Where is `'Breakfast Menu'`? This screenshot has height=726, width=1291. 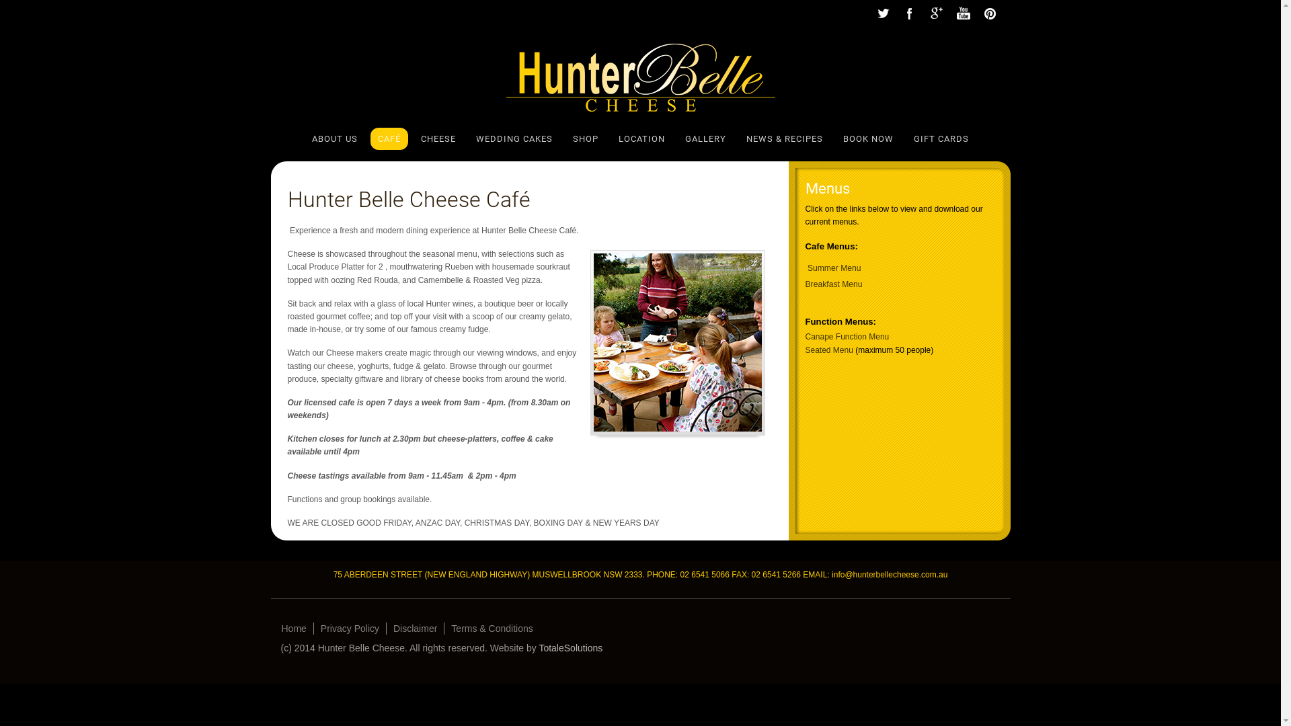
'Breakfast Menu' is located at coordinates (833, 284).